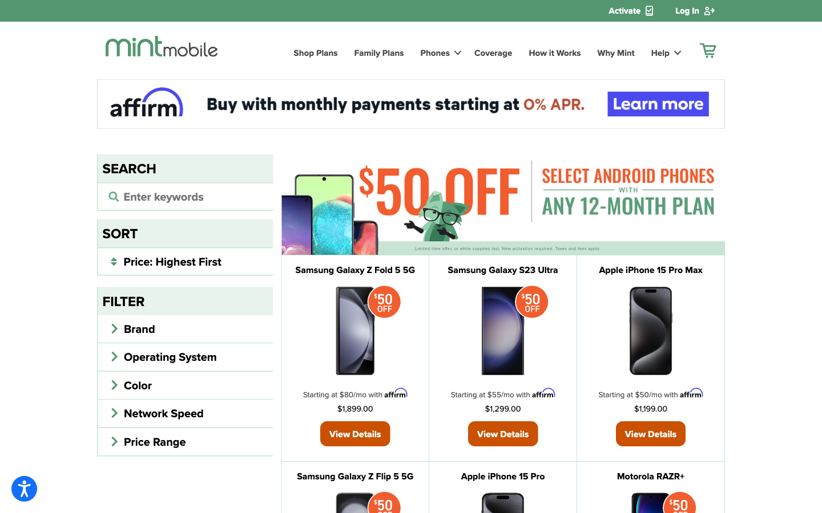 Image resolution: width=822 pixels, height=513 pixels. What do you see at coordinates (438, 52) in the screenshot?
I see `the page devoted to Phones` at bounding box center [438, 52].